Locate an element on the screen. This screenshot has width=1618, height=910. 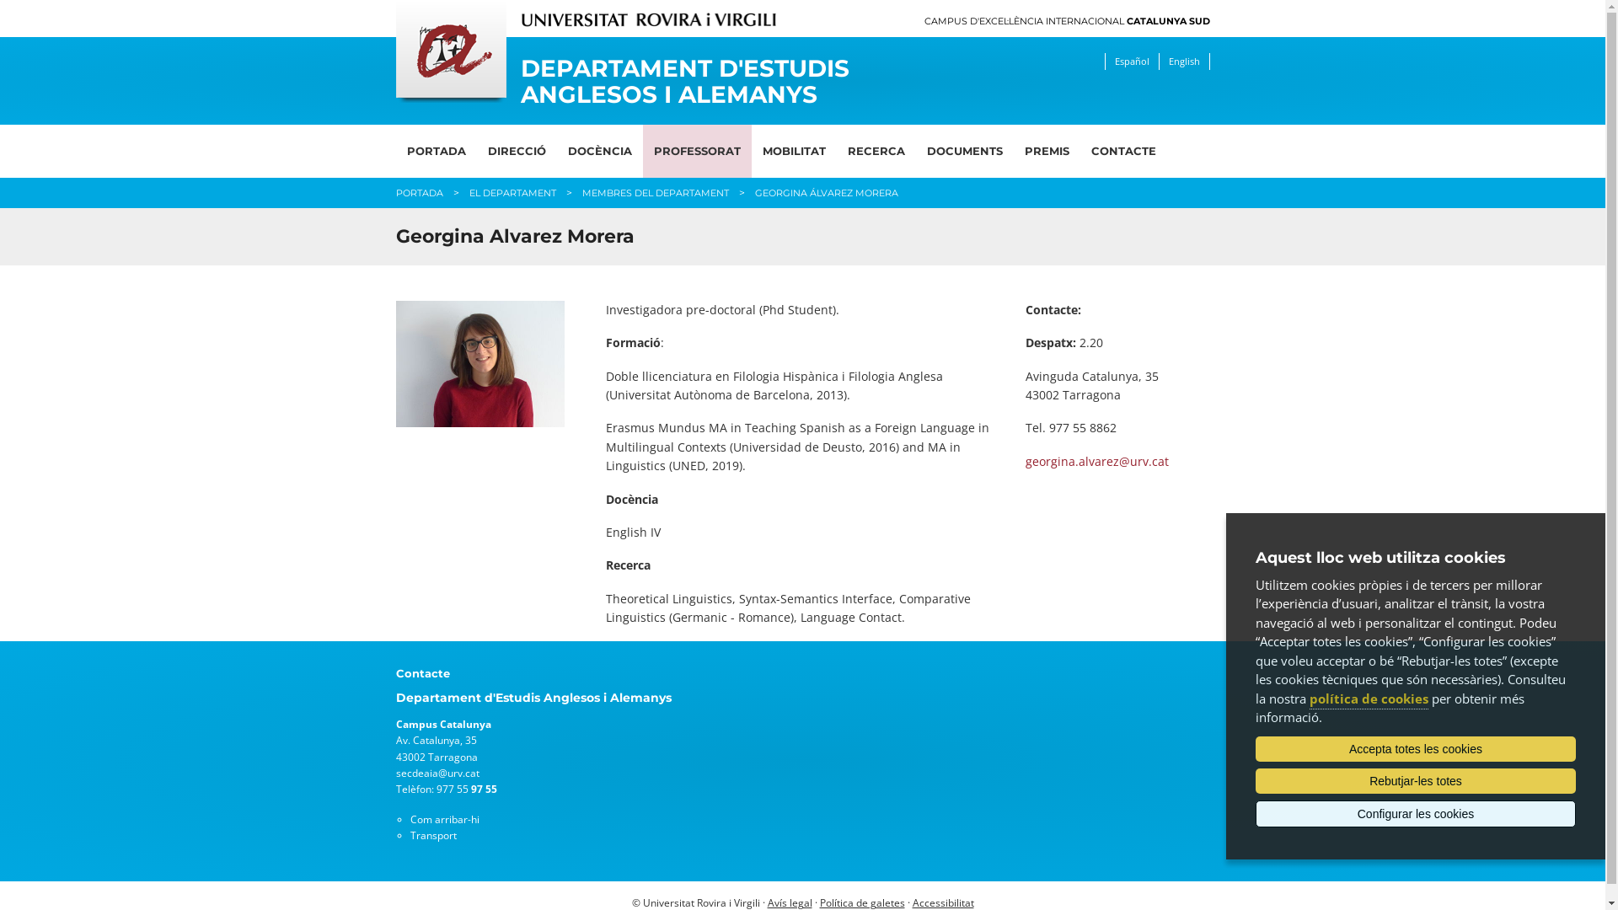
'English' is located at coordinates (1182, 61).